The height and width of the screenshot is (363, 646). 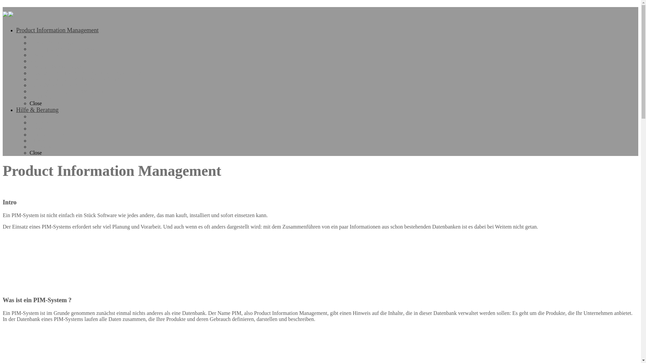 I want to click on 'Der Weg zum eigenen PIM-System', so click(x=68, y=91).